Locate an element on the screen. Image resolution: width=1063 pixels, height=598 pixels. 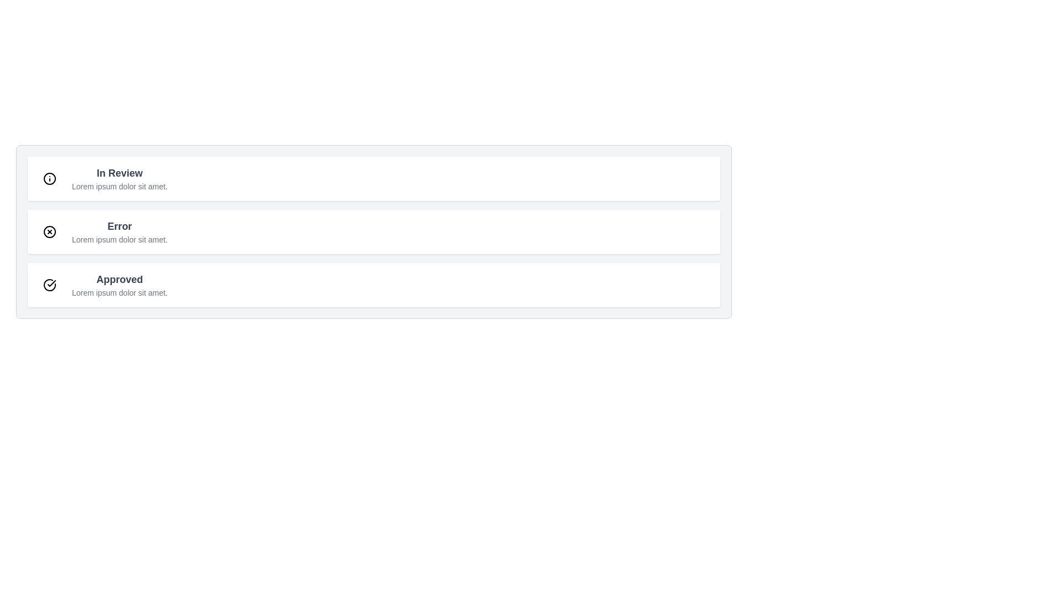
the error state icon located in the second row of the list, which is visually represented to indicate an error status is located at coordinates (49, 231).